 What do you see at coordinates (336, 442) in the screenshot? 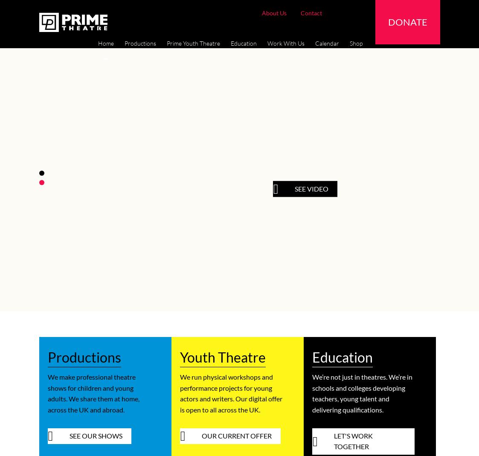
I see `'Creating a new world'` at bounding box center [336, 442].